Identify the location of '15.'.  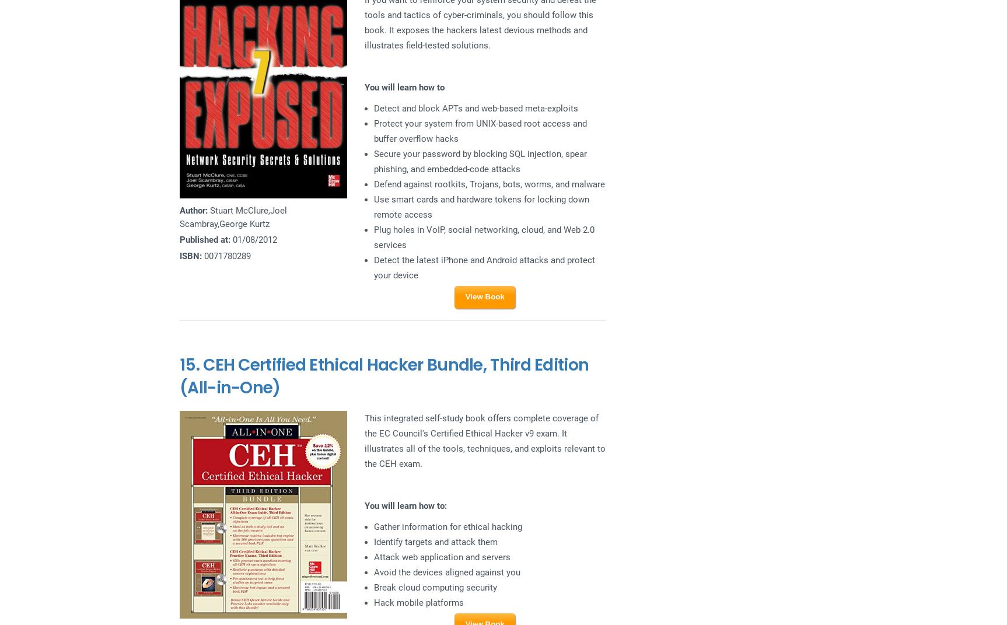
(179, 364).